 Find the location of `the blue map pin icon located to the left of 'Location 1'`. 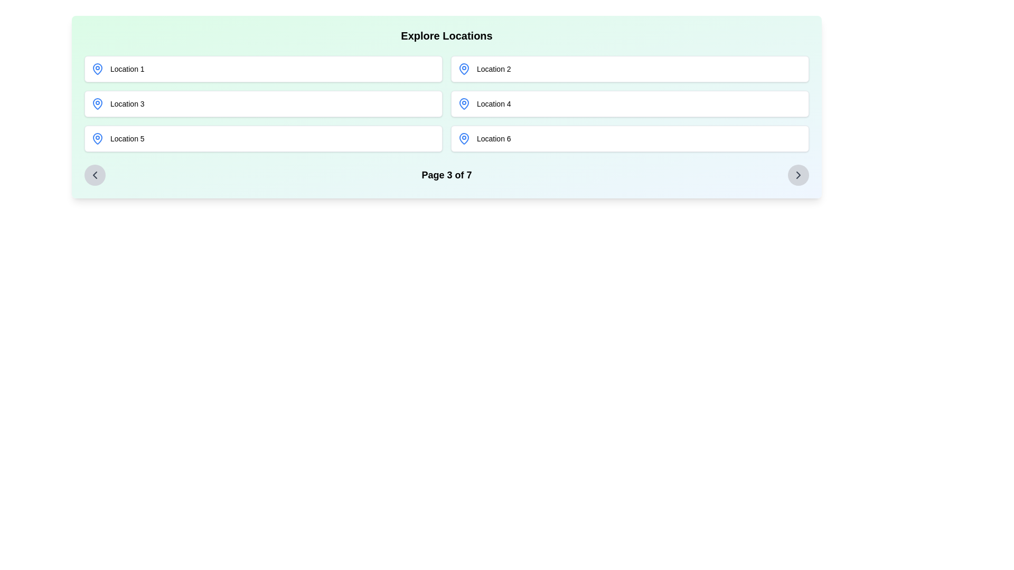

the blue map pin icon located to the left of 'Location 1' is located at coordinates (98, 69).